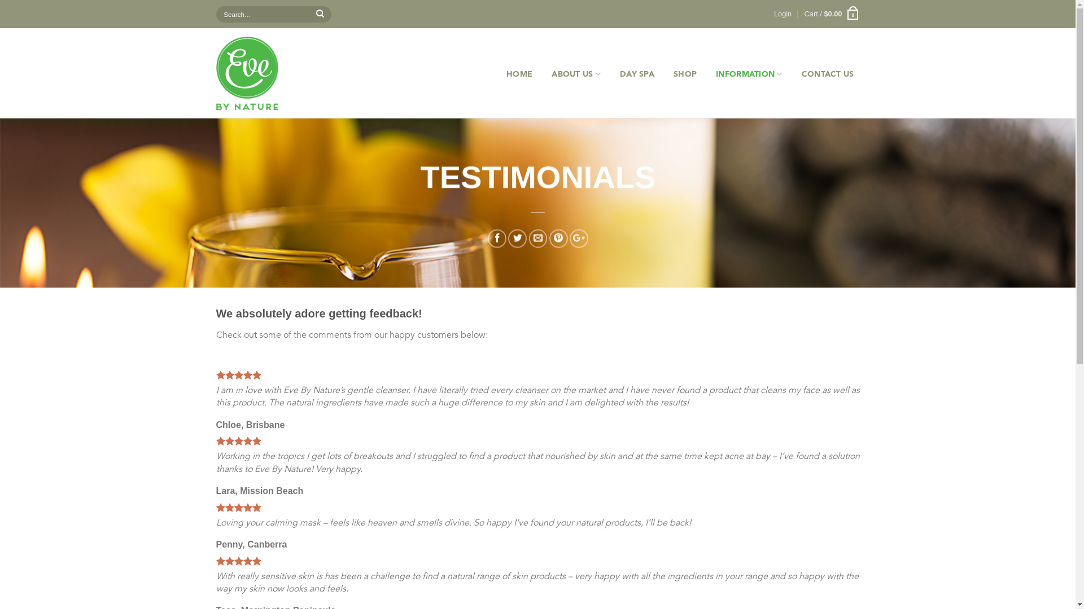 The height and width of the screenshot is (609, 1084). I want to click on 'DAY SPA', so click(637, 74).